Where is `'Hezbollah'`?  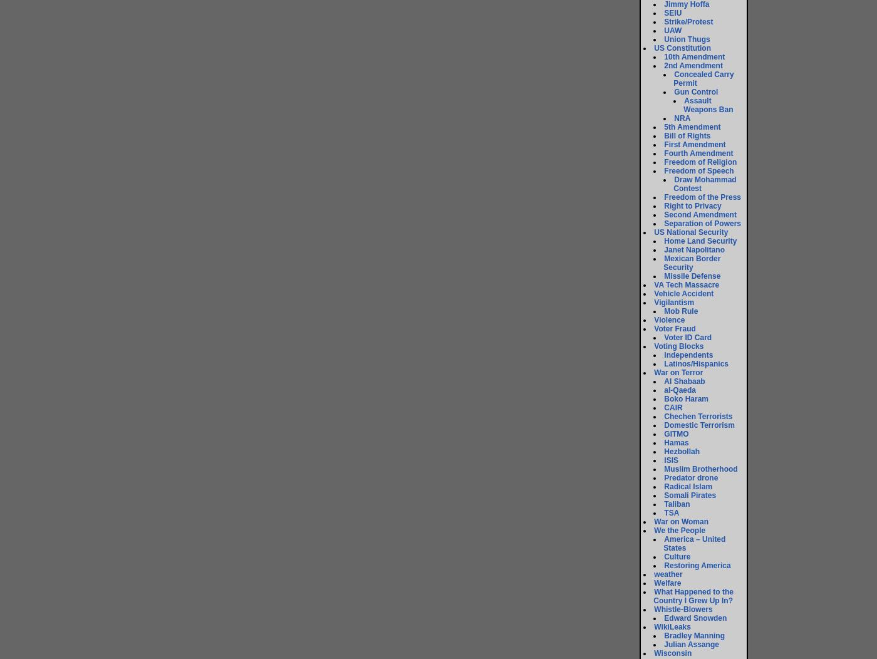 'Hezbollah' is located at coordinates (682, 452).